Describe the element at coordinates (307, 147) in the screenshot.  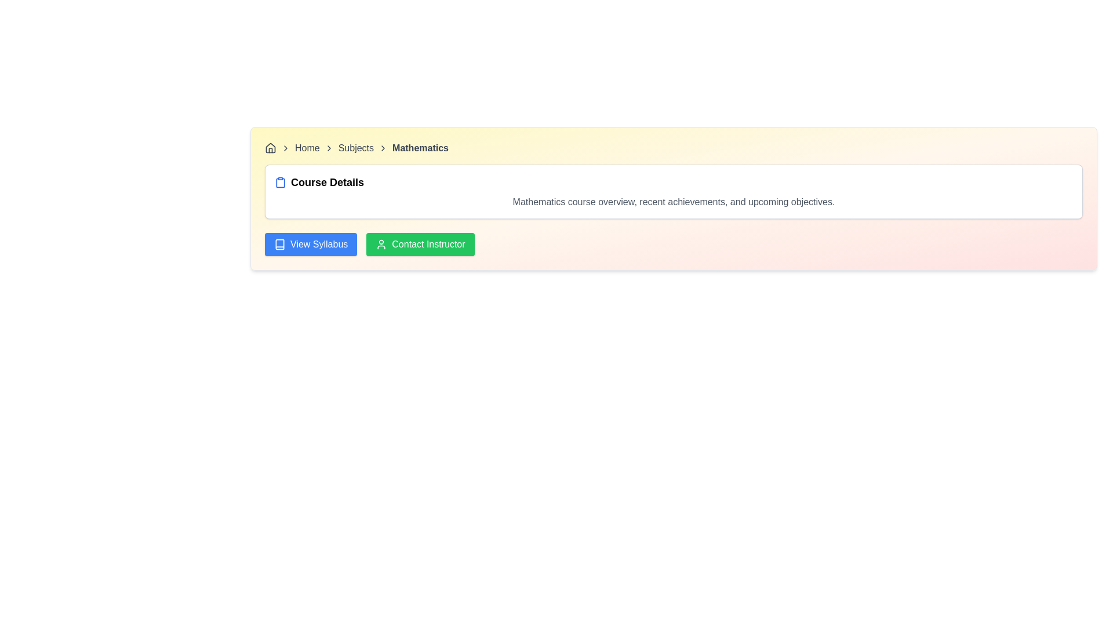
I see `the 'Home' breadcrumb navigation link text element to trigger the underline effect` at that location.